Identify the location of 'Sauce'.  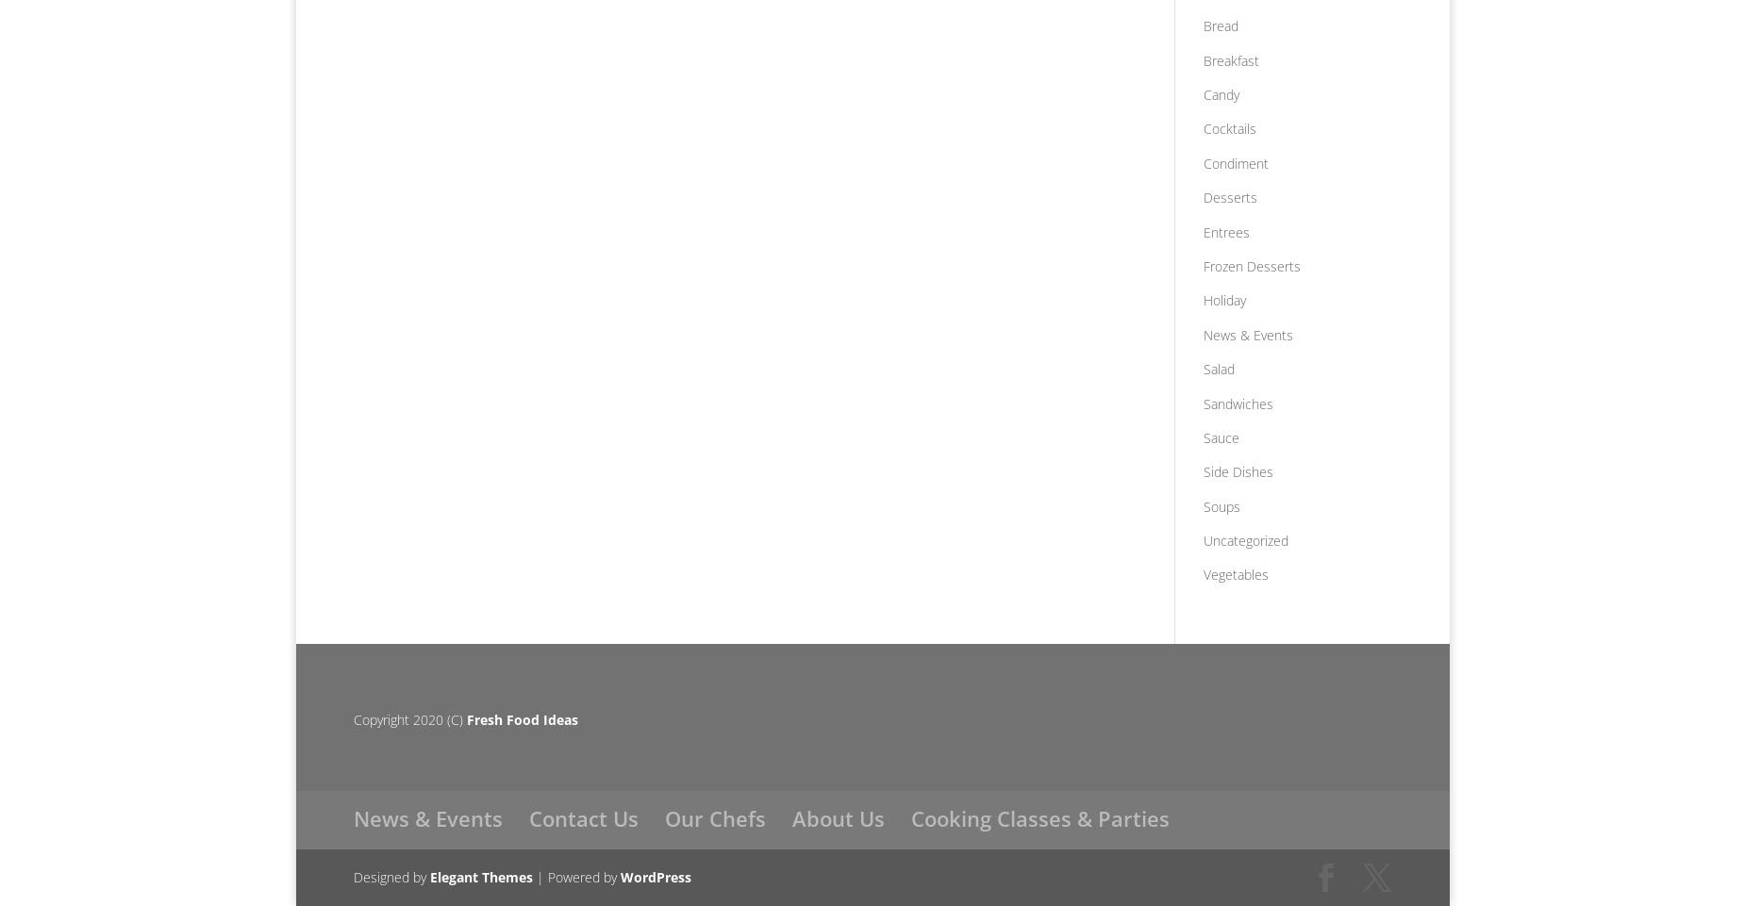
(1220, 436).